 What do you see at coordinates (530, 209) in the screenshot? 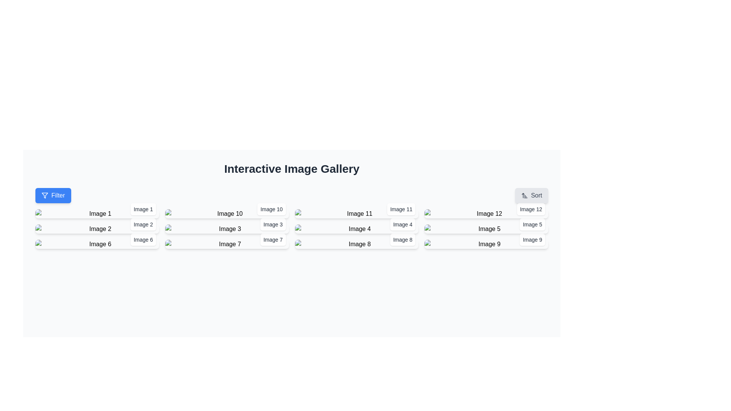
I see `the informational text label in the bottom-right corner of the image card labeled 'Image 12', which is part of the grid layout` at bounding box center [530, 209].